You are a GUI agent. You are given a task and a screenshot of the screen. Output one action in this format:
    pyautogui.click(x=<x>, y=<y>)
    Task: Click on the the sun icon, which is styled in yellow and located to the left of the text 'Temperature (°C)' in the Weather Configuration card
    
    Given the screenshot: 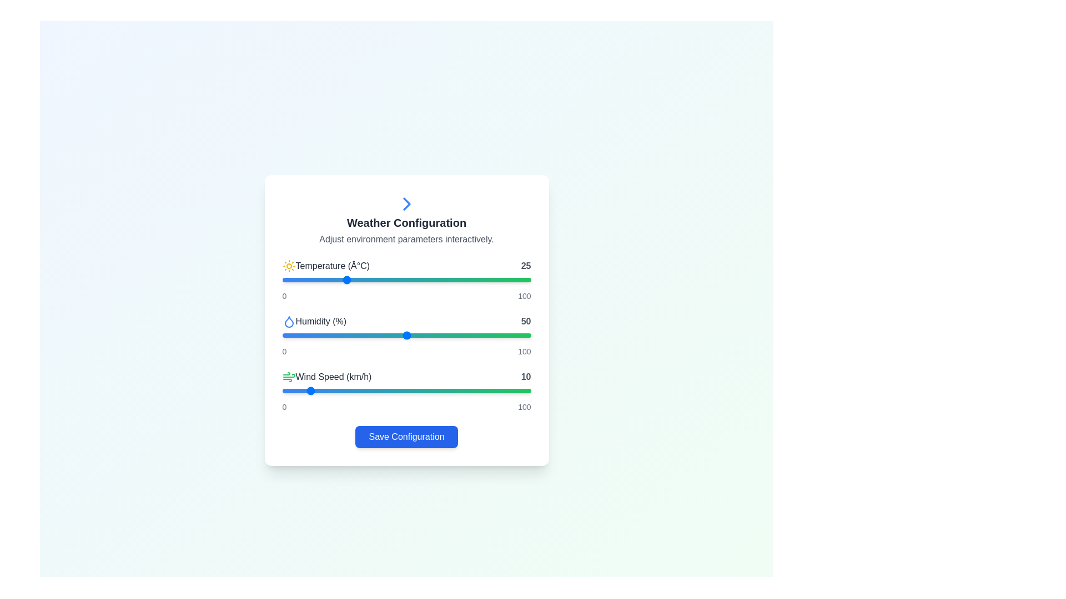 What is the action you would take?
    pyautogui.click(x=289, y=266)
    